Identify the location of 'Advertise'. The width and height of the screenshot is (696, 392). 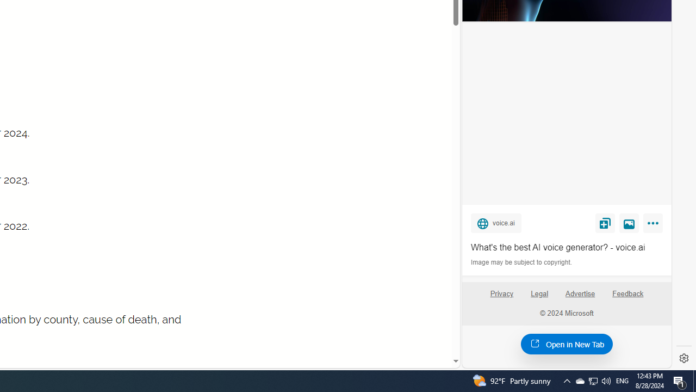
(579, 293).